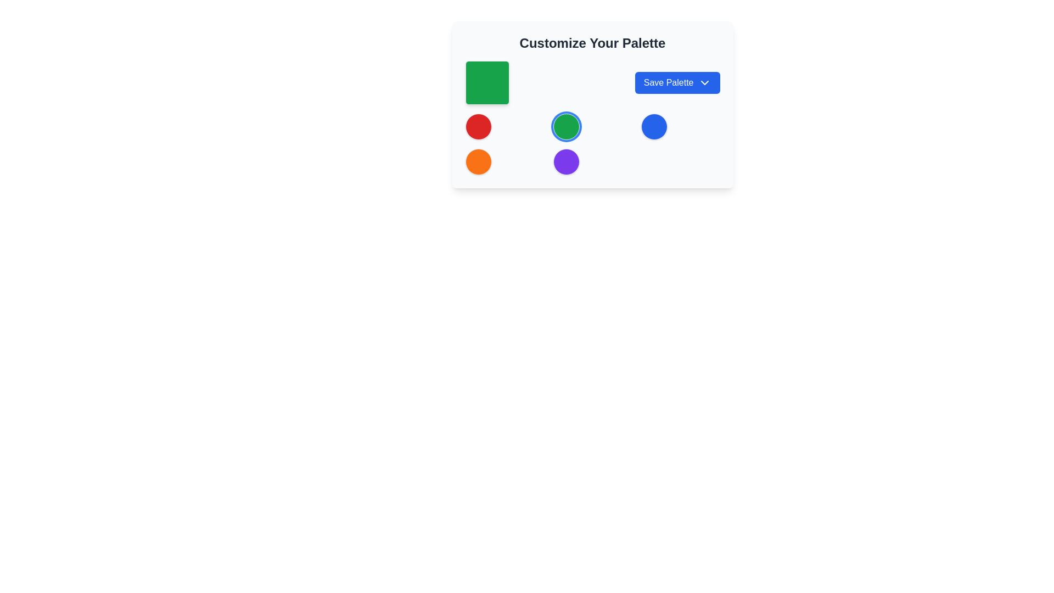  Describe the element at coordinates (704, 82) in the screenshot. I see `the dropdown icon located at the right end of the 'Save Palette' button in the top-right corner of the content card` at that location.